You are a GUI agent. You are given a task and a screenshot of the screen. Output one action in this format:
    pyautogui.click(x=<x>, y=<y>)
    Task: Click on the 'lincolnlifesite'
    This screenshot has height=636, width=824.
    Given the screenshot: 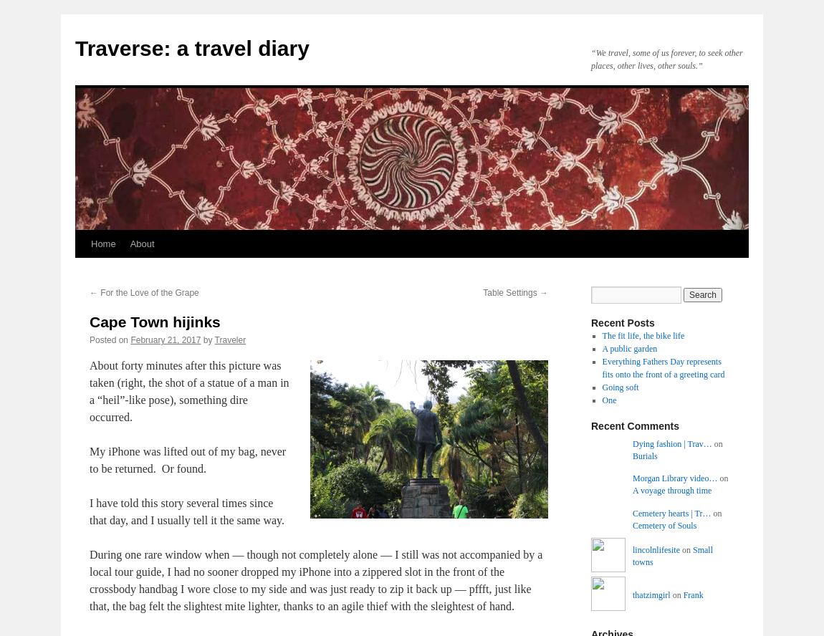 What is the action you would take?
    pyautogui.click(x=656, y=549)
    